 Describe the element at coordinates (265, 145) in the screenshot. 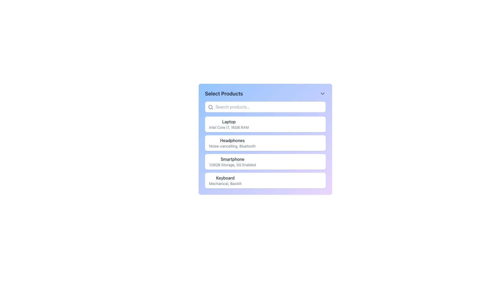

I see `the list item labeled 'Headphones' with subtext 'Noise-cancelling, Bluetooth'` at that location.